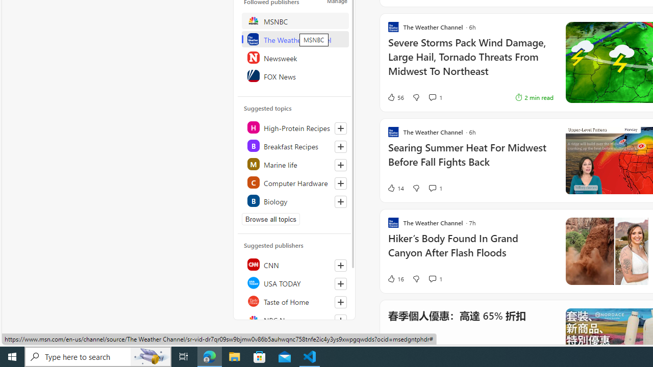 The width and height of the screenshot is (653, 367). Describe the element at coordinates (294, 319) in the screenshot. I see `'NBC News'` at that location.